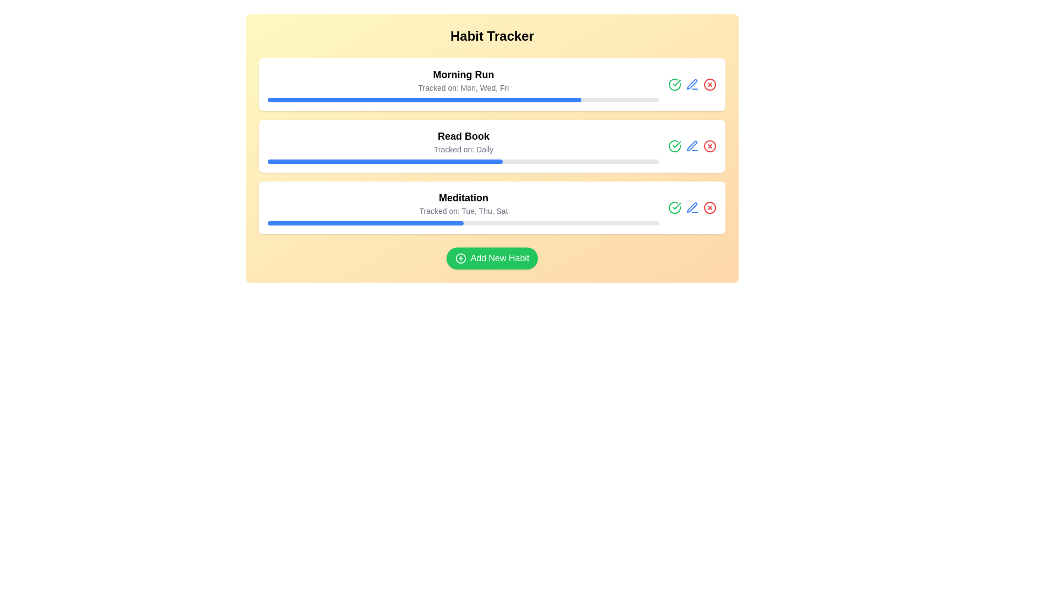 This screenshot has height=594, width=1056. Describe the element at coordinates (674, 146) in the screenshot. I see `the top-left part of the green checkmark SVG icon located within the circular motif next` at that location.